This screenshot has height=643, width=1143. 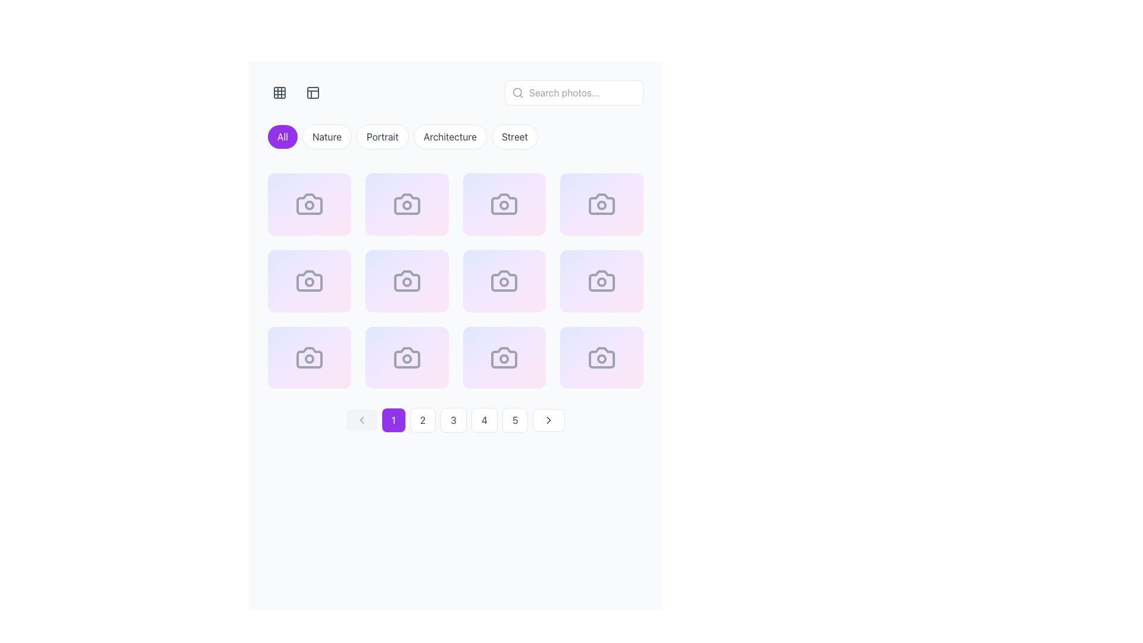 What do you see at coordinates (279, 92) in the screenshot?
I see `the top-left square of the grid icon component within the SVG, which serves as a toggle button for activating the grid view in the interface` at bounding box center [279, 92].